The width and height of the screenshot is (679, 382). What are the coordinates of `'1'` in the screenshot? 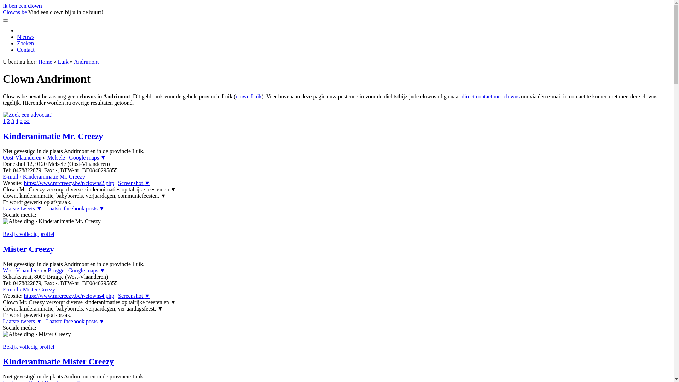 It's located at (4, 121).